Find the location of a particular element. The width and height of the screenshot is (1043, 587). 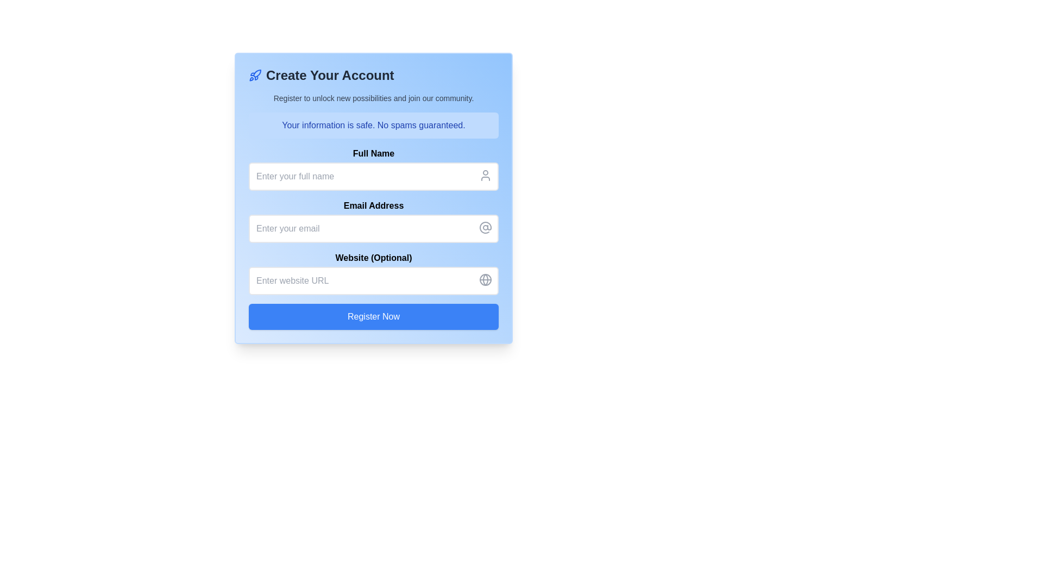

the user icon, which is a gray circular head and simplified body shape located in the top-right corner of the 'Full Name' input field is located at coordinates (485, 175).